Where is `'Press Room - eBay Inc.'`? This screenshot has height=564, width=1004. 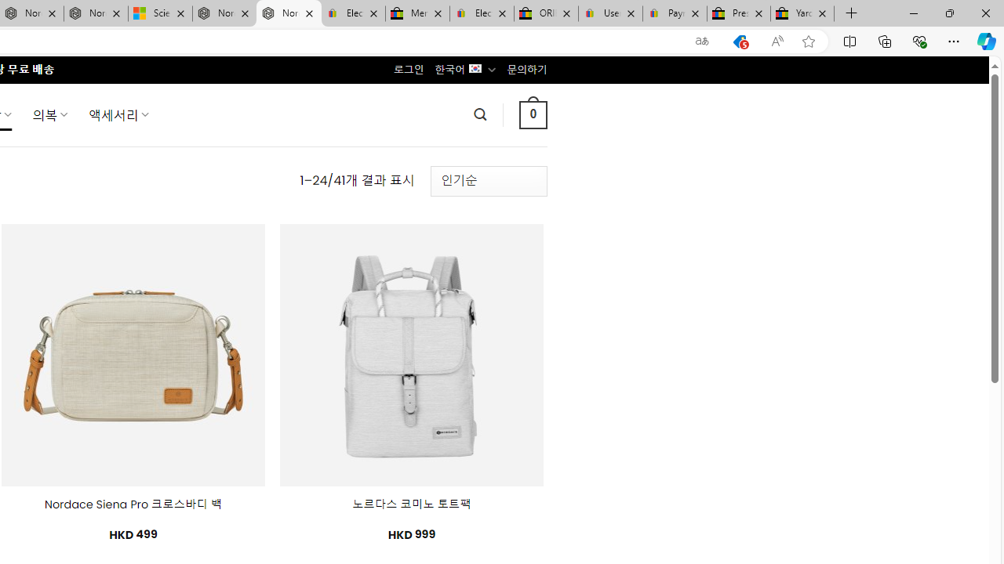
'Press Room - eBay Inc.' is located at coordinates (738, 13).